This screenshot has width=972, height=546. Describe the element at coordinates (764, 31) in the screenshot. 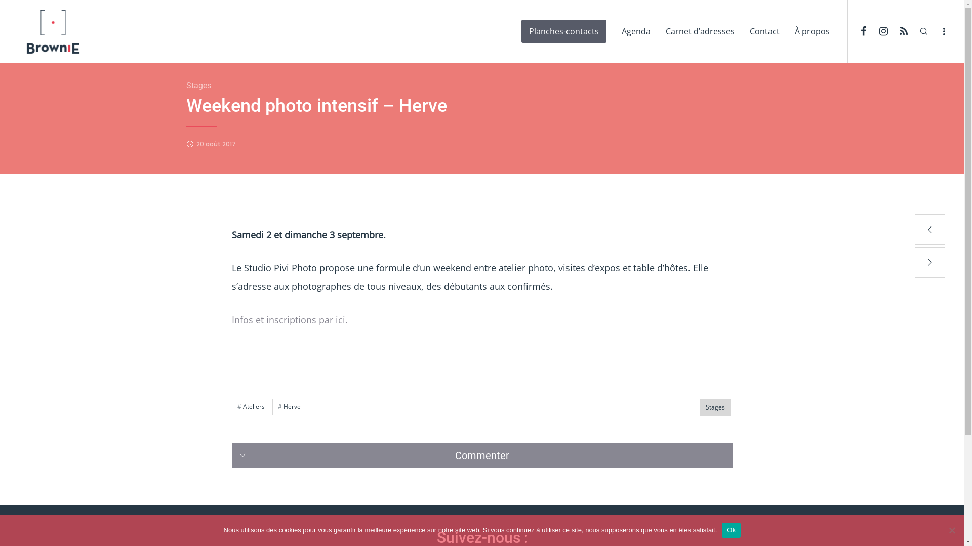

I see `'Contact'` at that location.